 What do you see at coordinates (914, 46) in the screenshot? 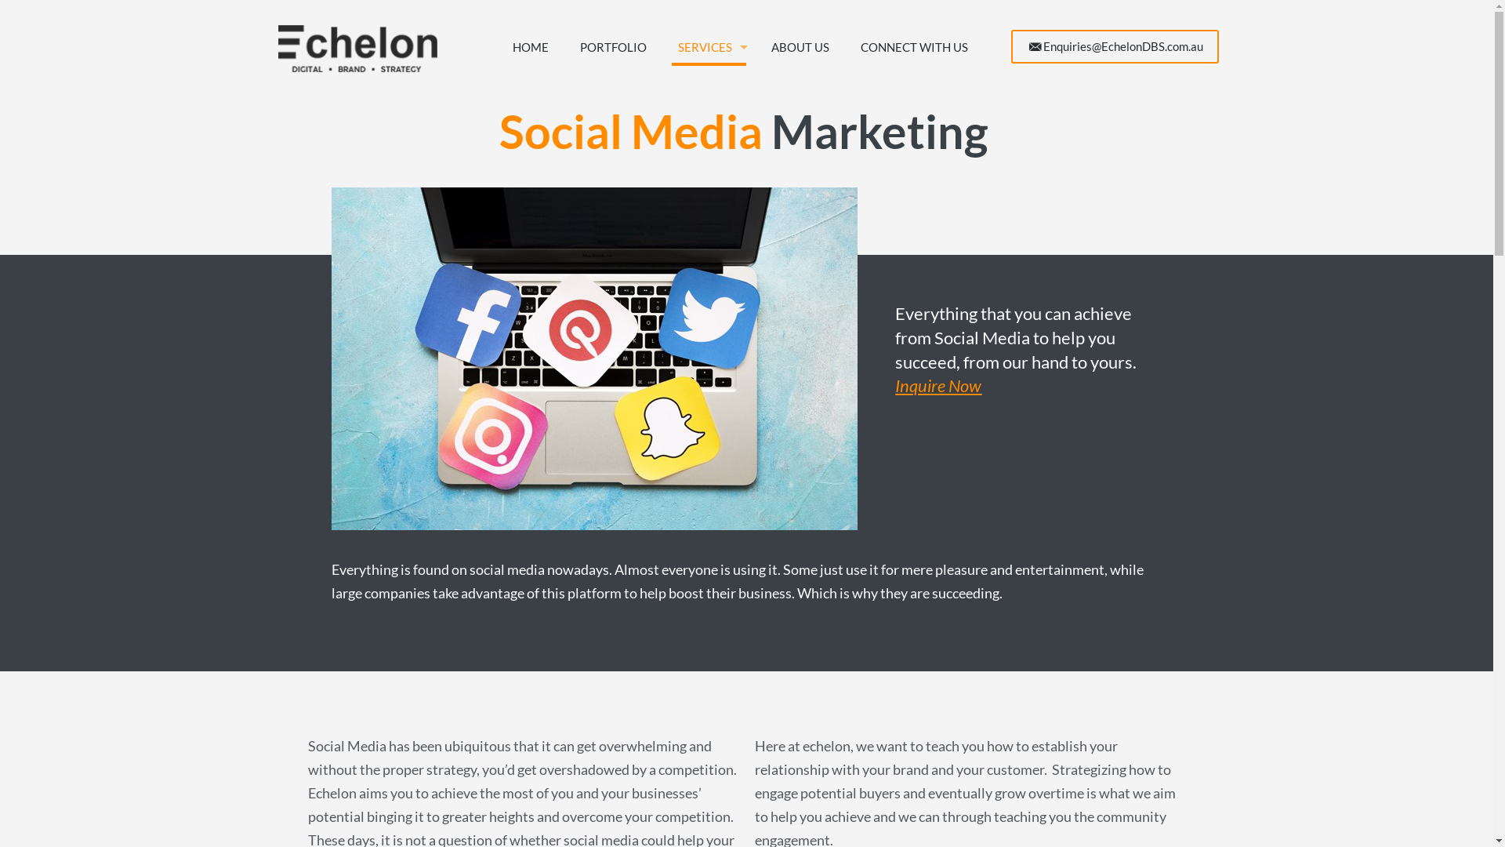
I see `'CONNECT WITH US'` at bounding box center [914, 46].